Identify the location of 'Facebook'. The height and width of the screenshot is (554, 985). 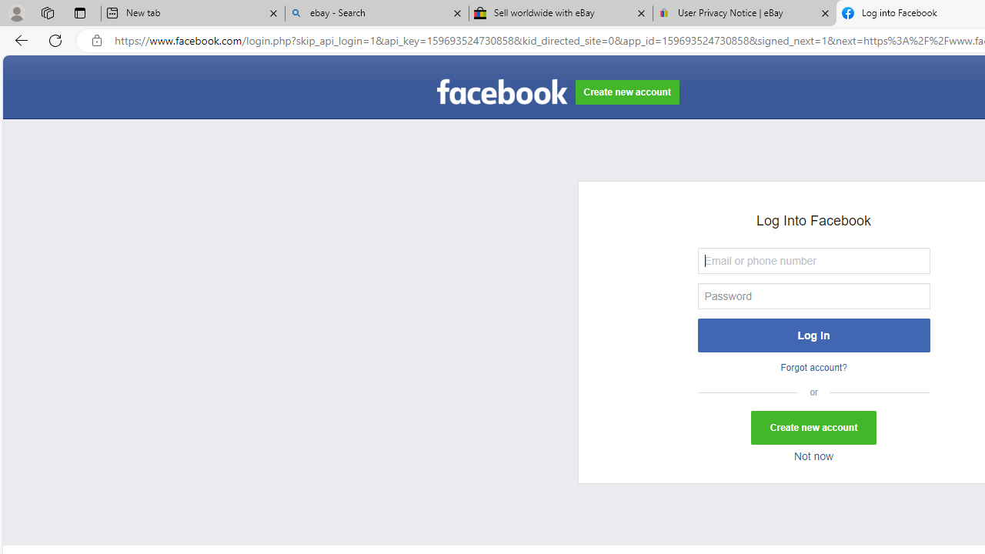
(502, 92).